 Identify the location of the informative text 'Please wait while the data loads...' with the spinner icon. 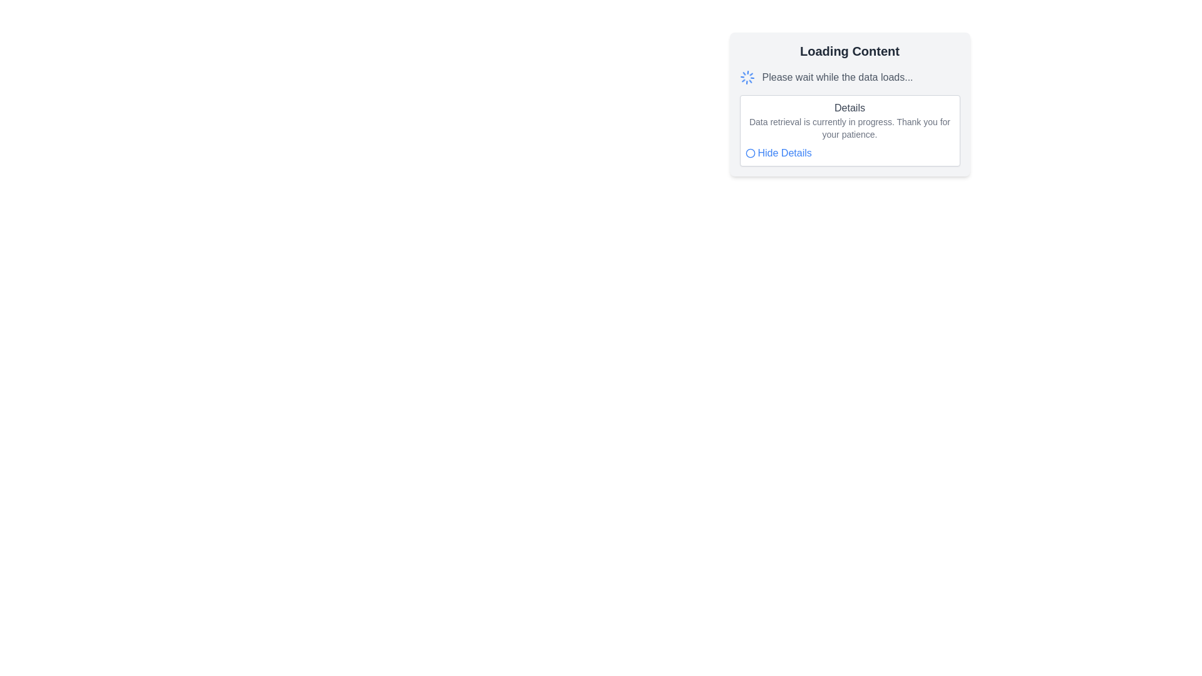
(850, 77).